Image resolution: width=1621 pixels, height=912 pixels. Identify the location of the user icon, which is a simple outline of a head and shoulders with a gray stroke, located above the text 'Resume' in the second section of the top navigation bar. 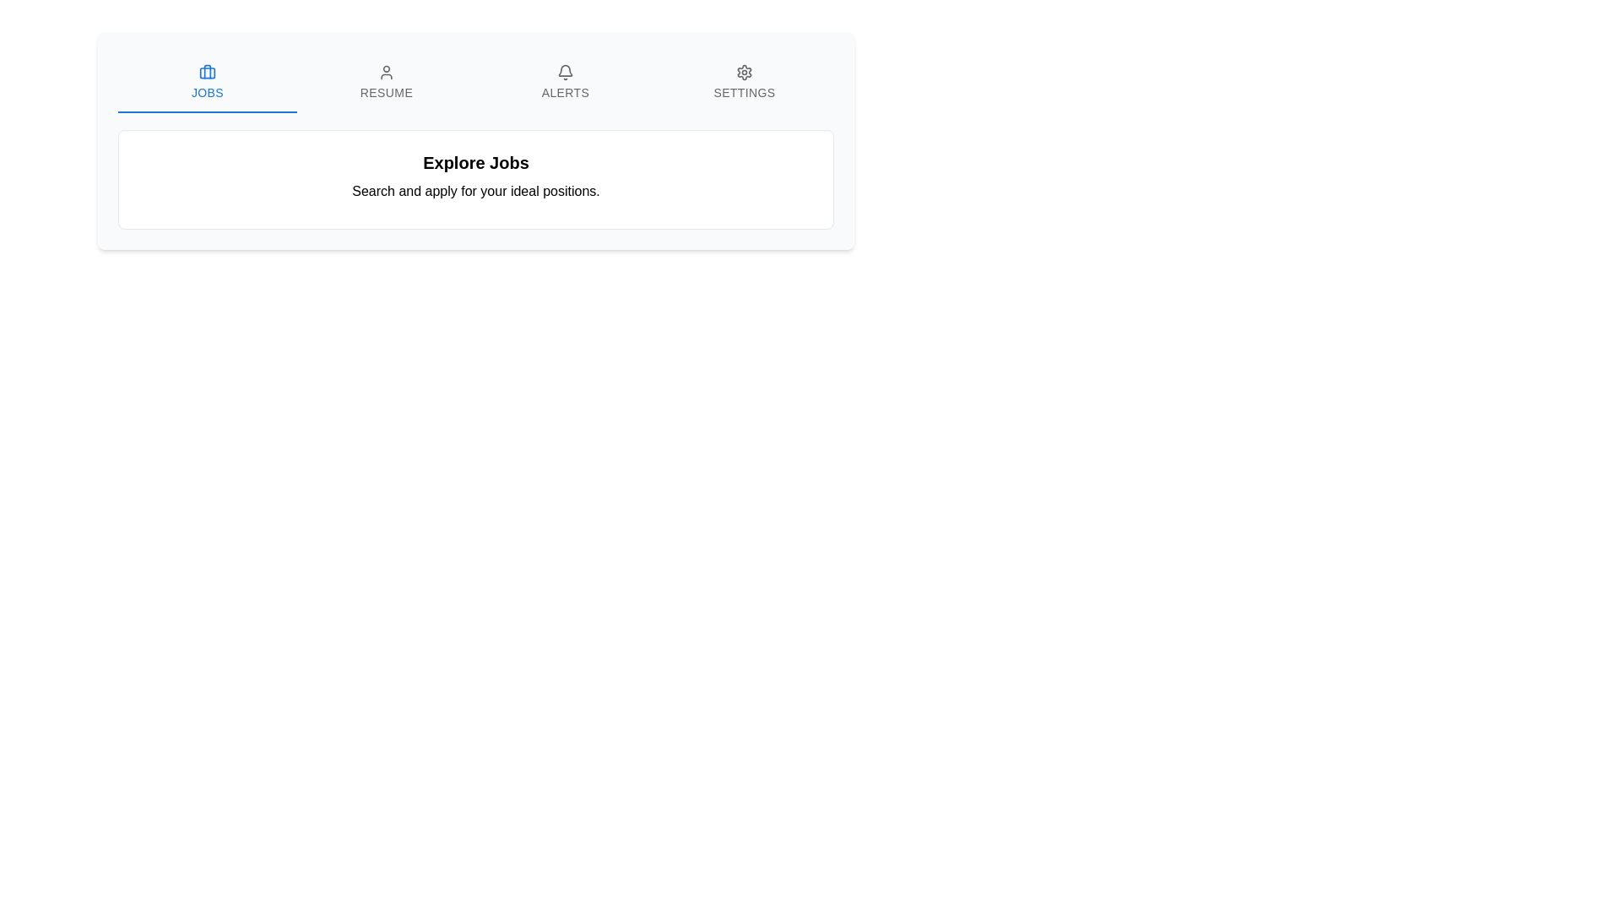
(385, 71).